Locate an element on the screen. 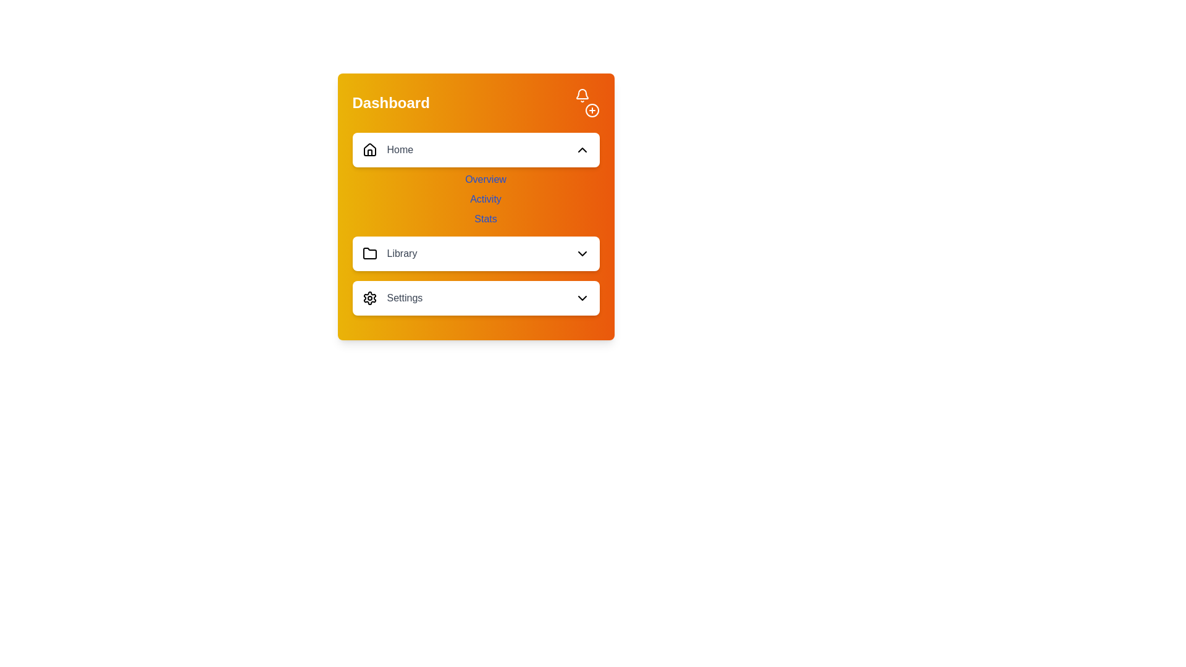  the circular graphical element with a plus sign inside, located at the top-right corner of the dashboard interface is located at coordinates (591, 109).